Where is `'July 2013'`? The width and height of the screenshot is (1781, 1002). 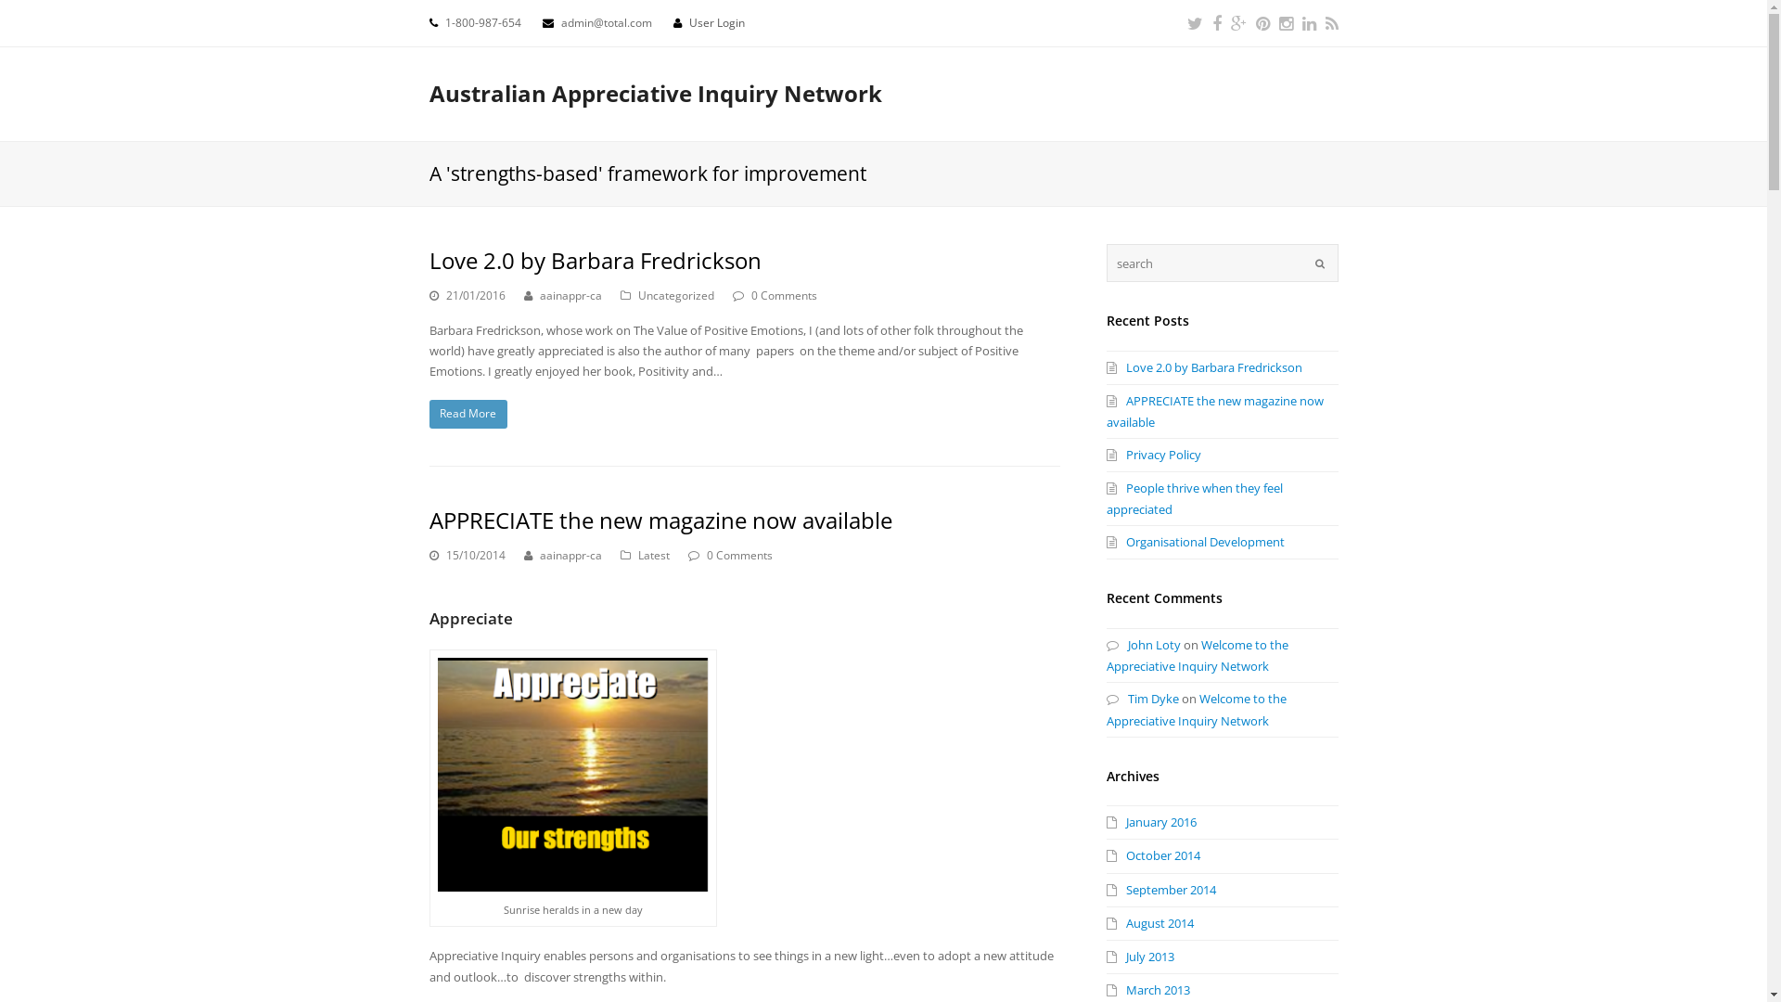 'July 2013' is located at coordinates (1105, 956).